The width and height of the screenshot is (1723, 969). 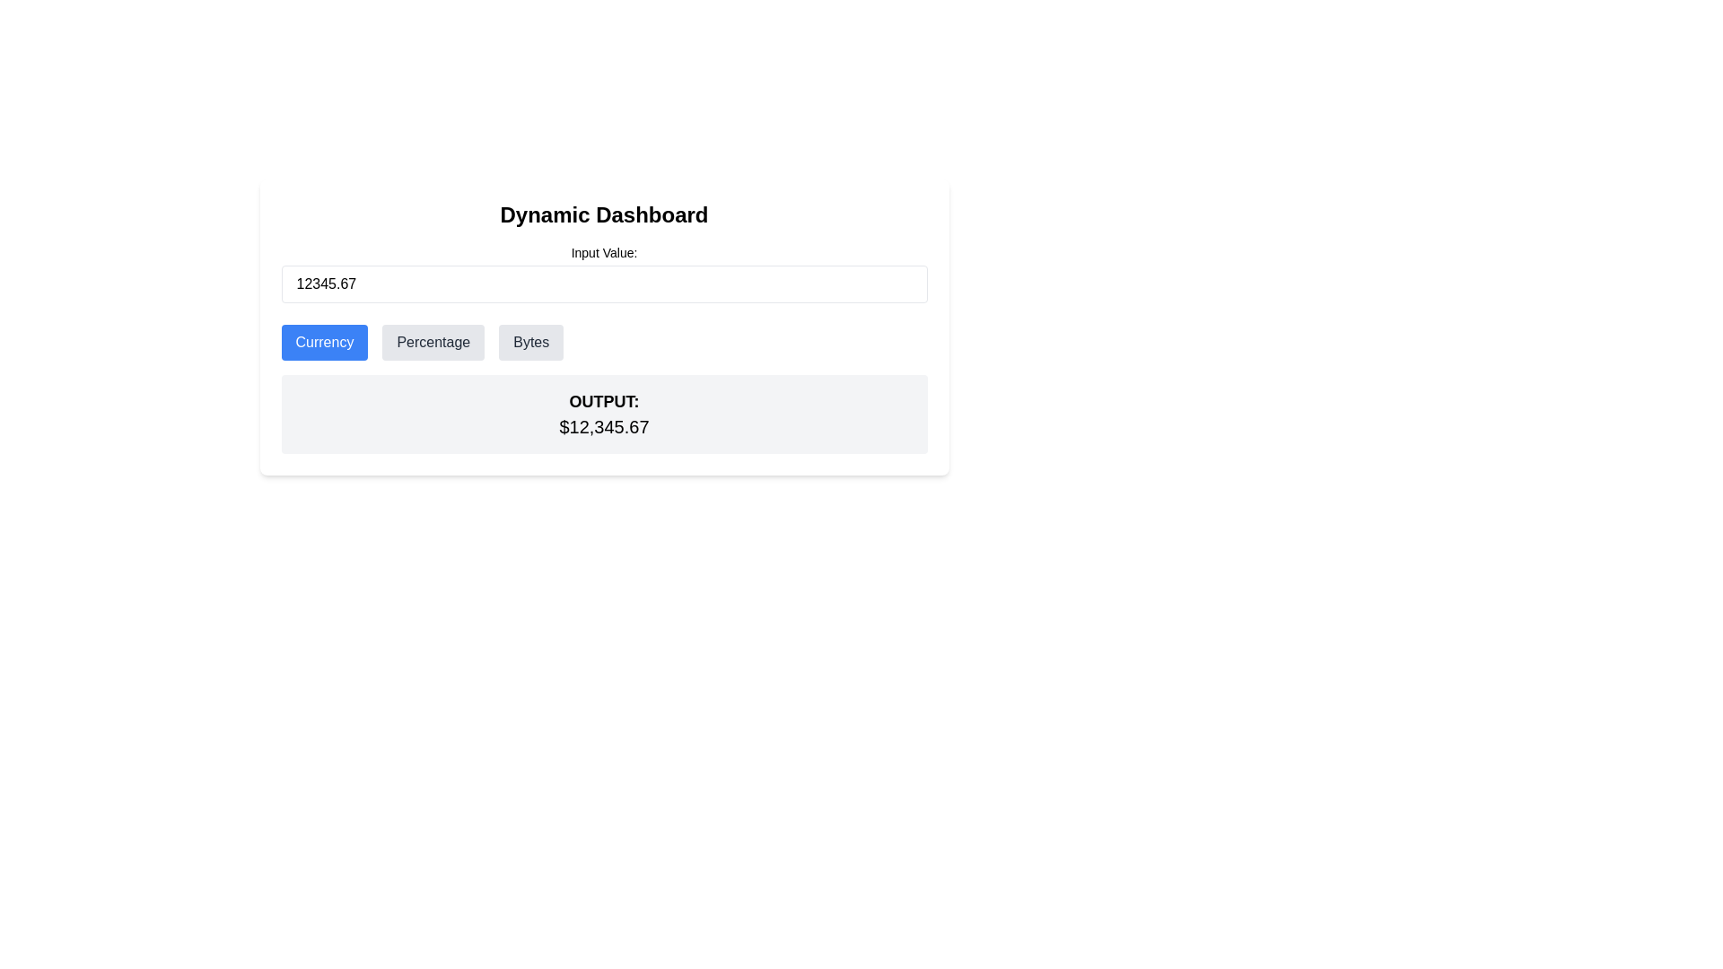 I want to click on the numeric input field located beneath the title 'Dynamic Dashboard' to focus on it, so click(x=604, y=273).